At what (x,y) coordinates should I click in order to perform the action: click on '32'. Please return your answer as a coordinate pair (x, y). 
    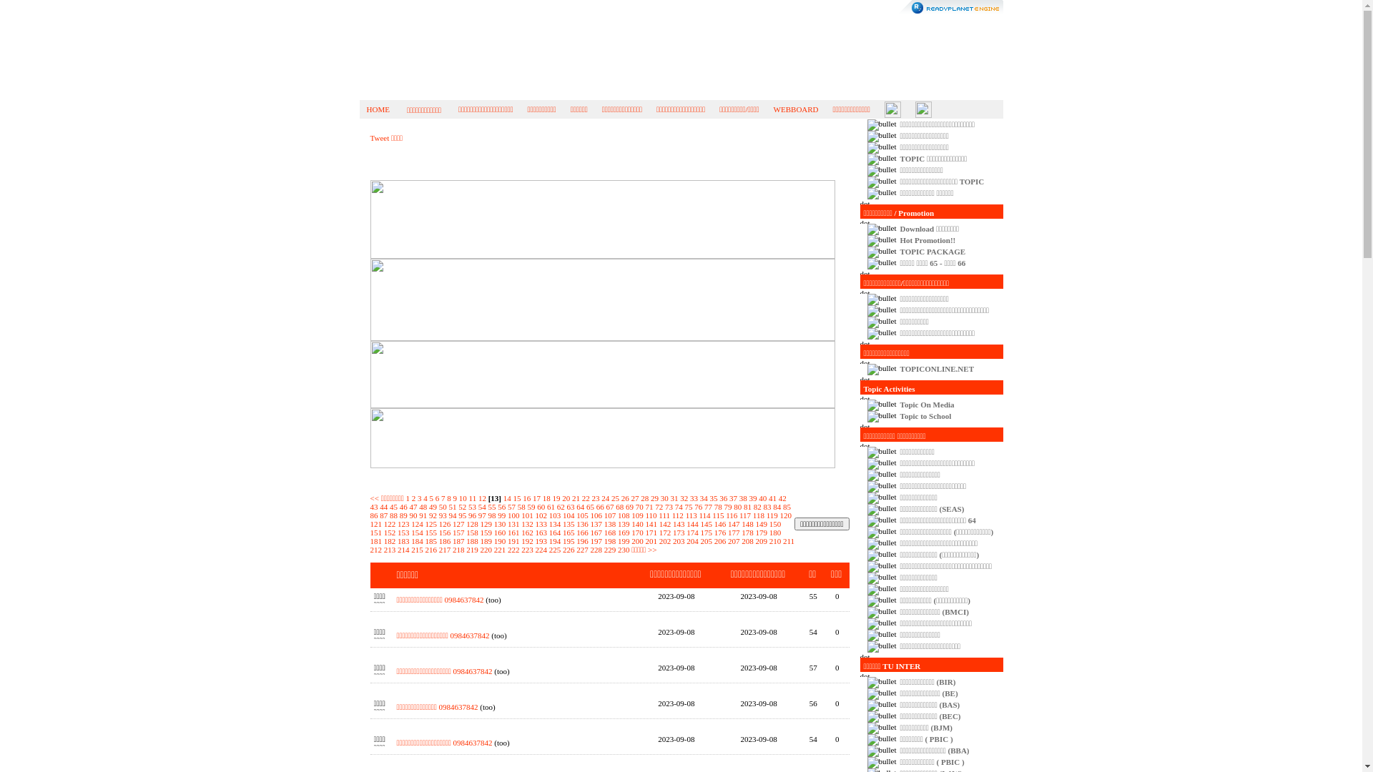
    Looking at the image, I should click on (683, 498).